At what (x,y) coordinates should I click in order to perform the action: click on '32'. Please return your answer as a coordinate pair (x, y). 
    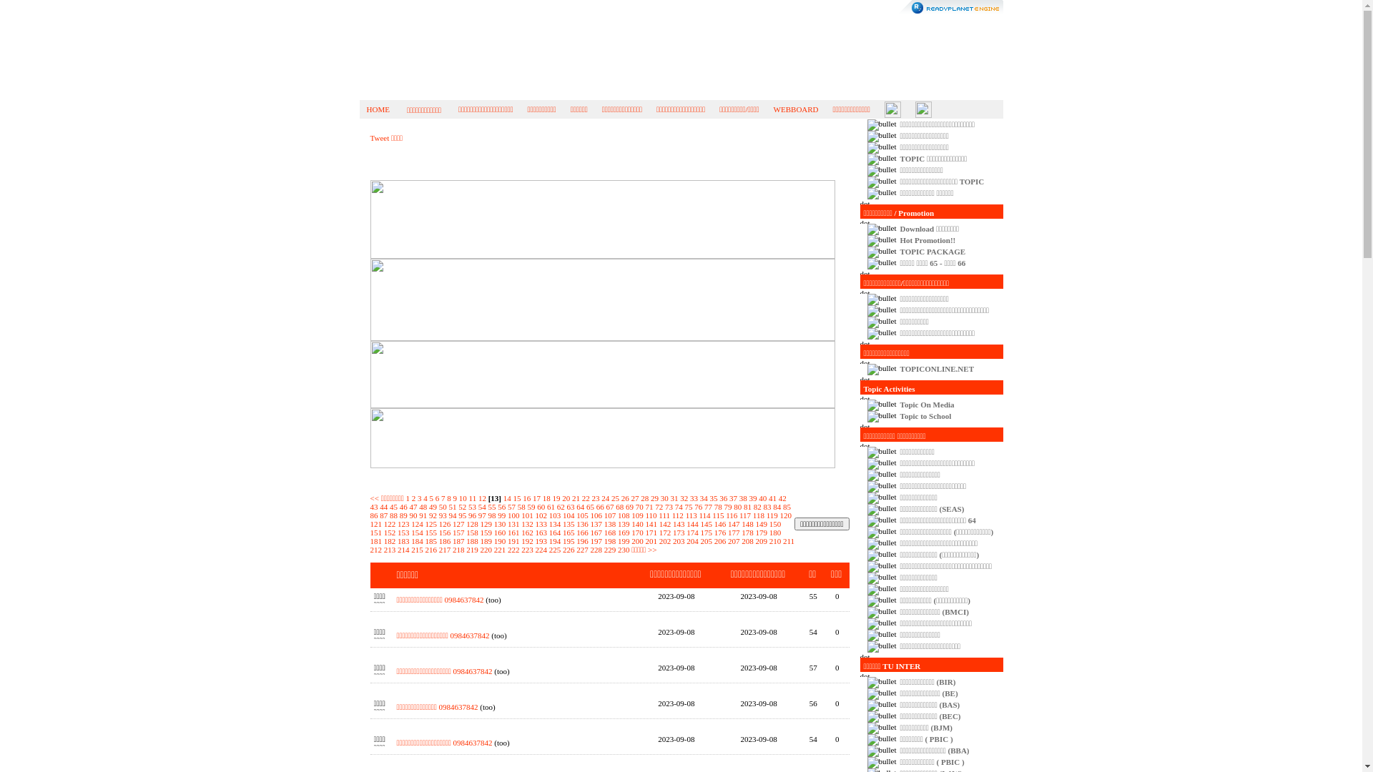
    Looking at the image, I should click on (683, 498).